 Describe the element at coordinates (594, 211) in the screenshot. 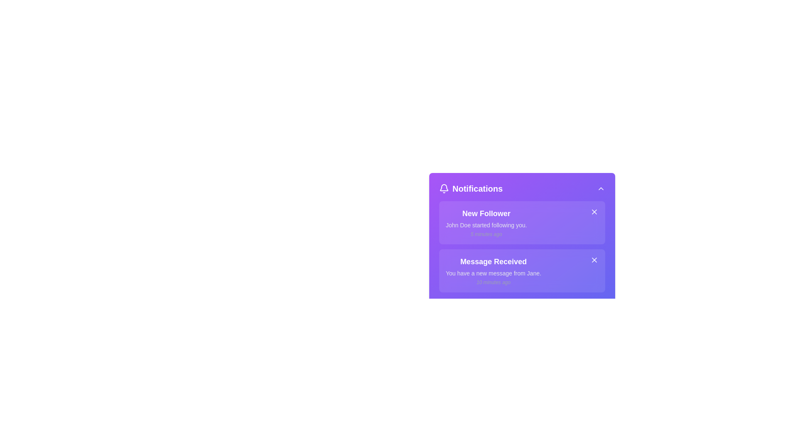

I see `the Close button icon resembling a diagonal cross in the top-right corner of the 'New Follower' notification item` at that location.